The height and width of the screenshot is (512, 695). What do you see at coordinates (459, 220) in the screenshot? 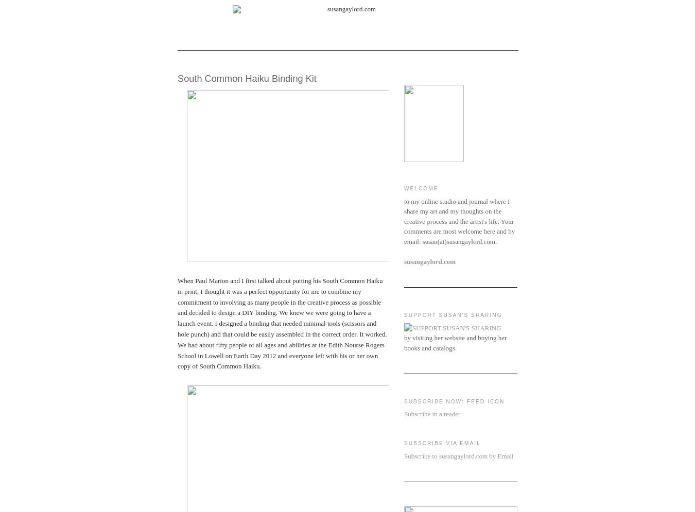
I see `'to my online studio and journal where I share my art and my thoughts on the creative process and the artist's life. Your comments are most welcome here and by email:'` at bounding box center [459, 220].